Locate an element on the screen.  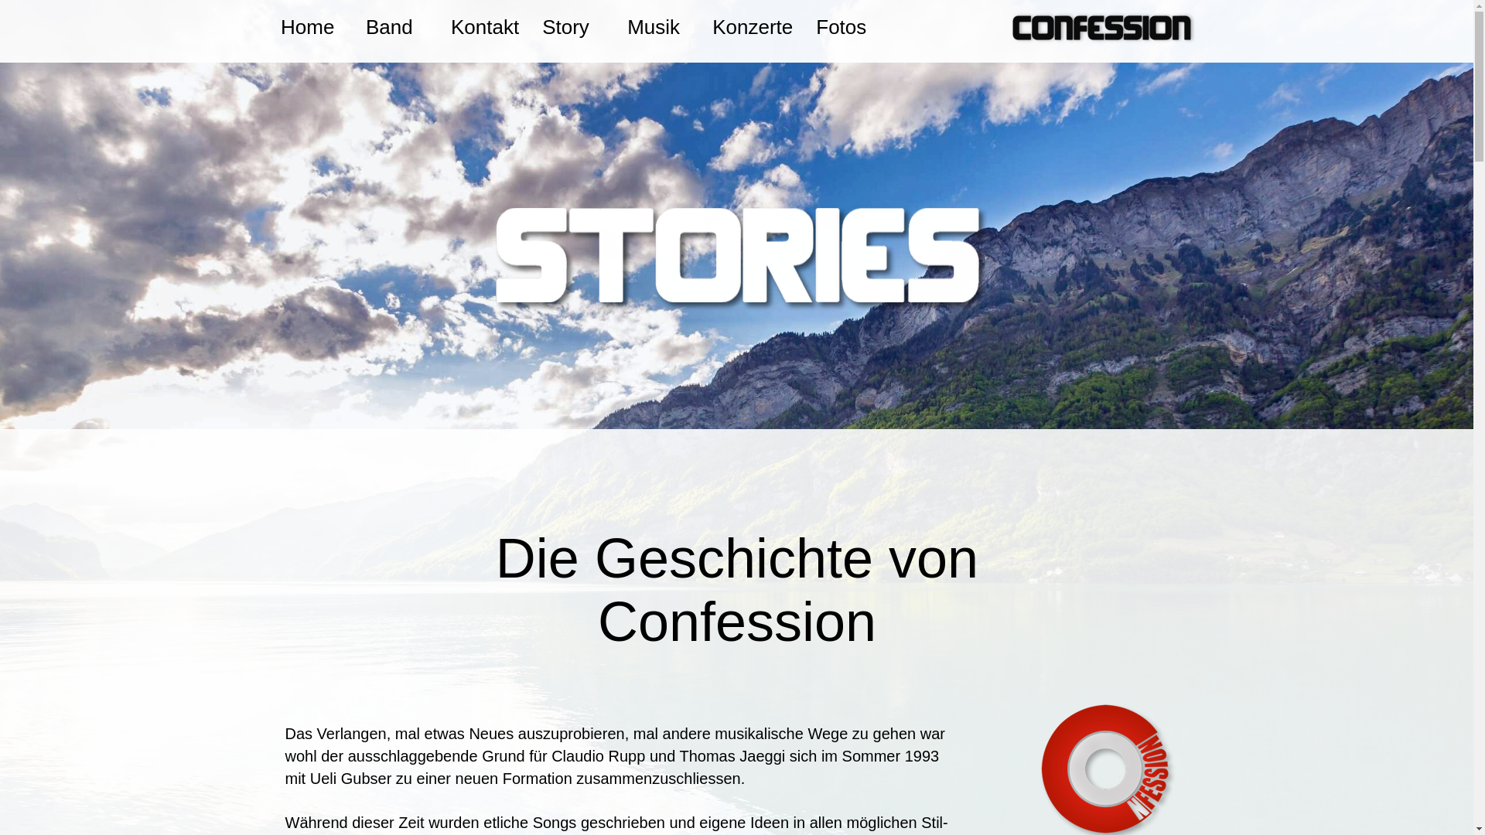
'Fotos' is located at coordinates (845, 26).